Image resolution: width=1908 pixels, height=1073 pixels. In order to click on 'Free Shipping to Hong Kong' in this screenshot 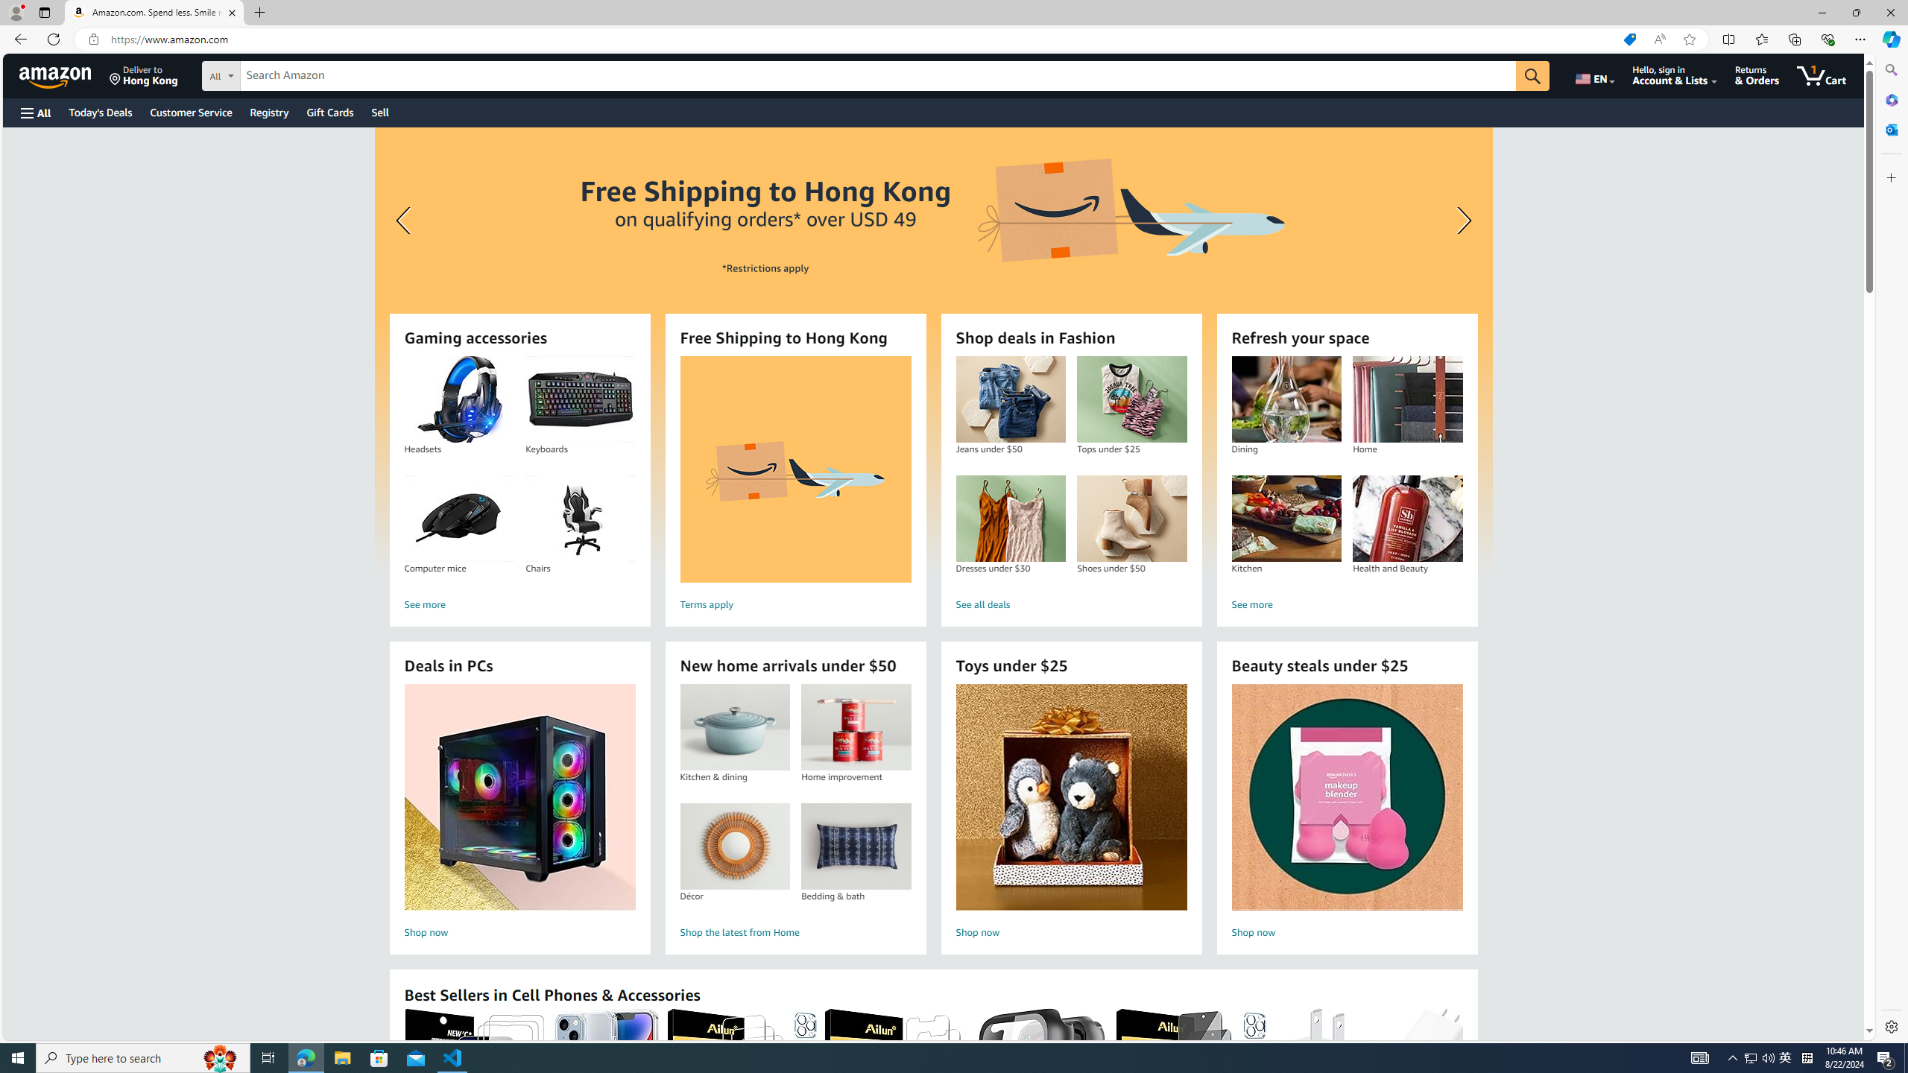, I will do `click(795, 469)`.